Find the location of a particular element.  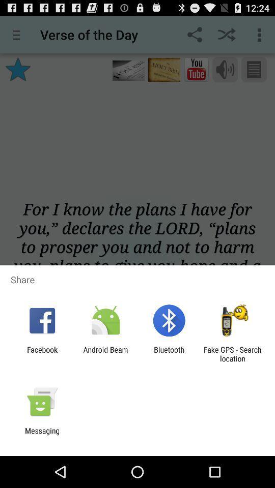

the bluetooth icon is located at coordinates (169, 354).